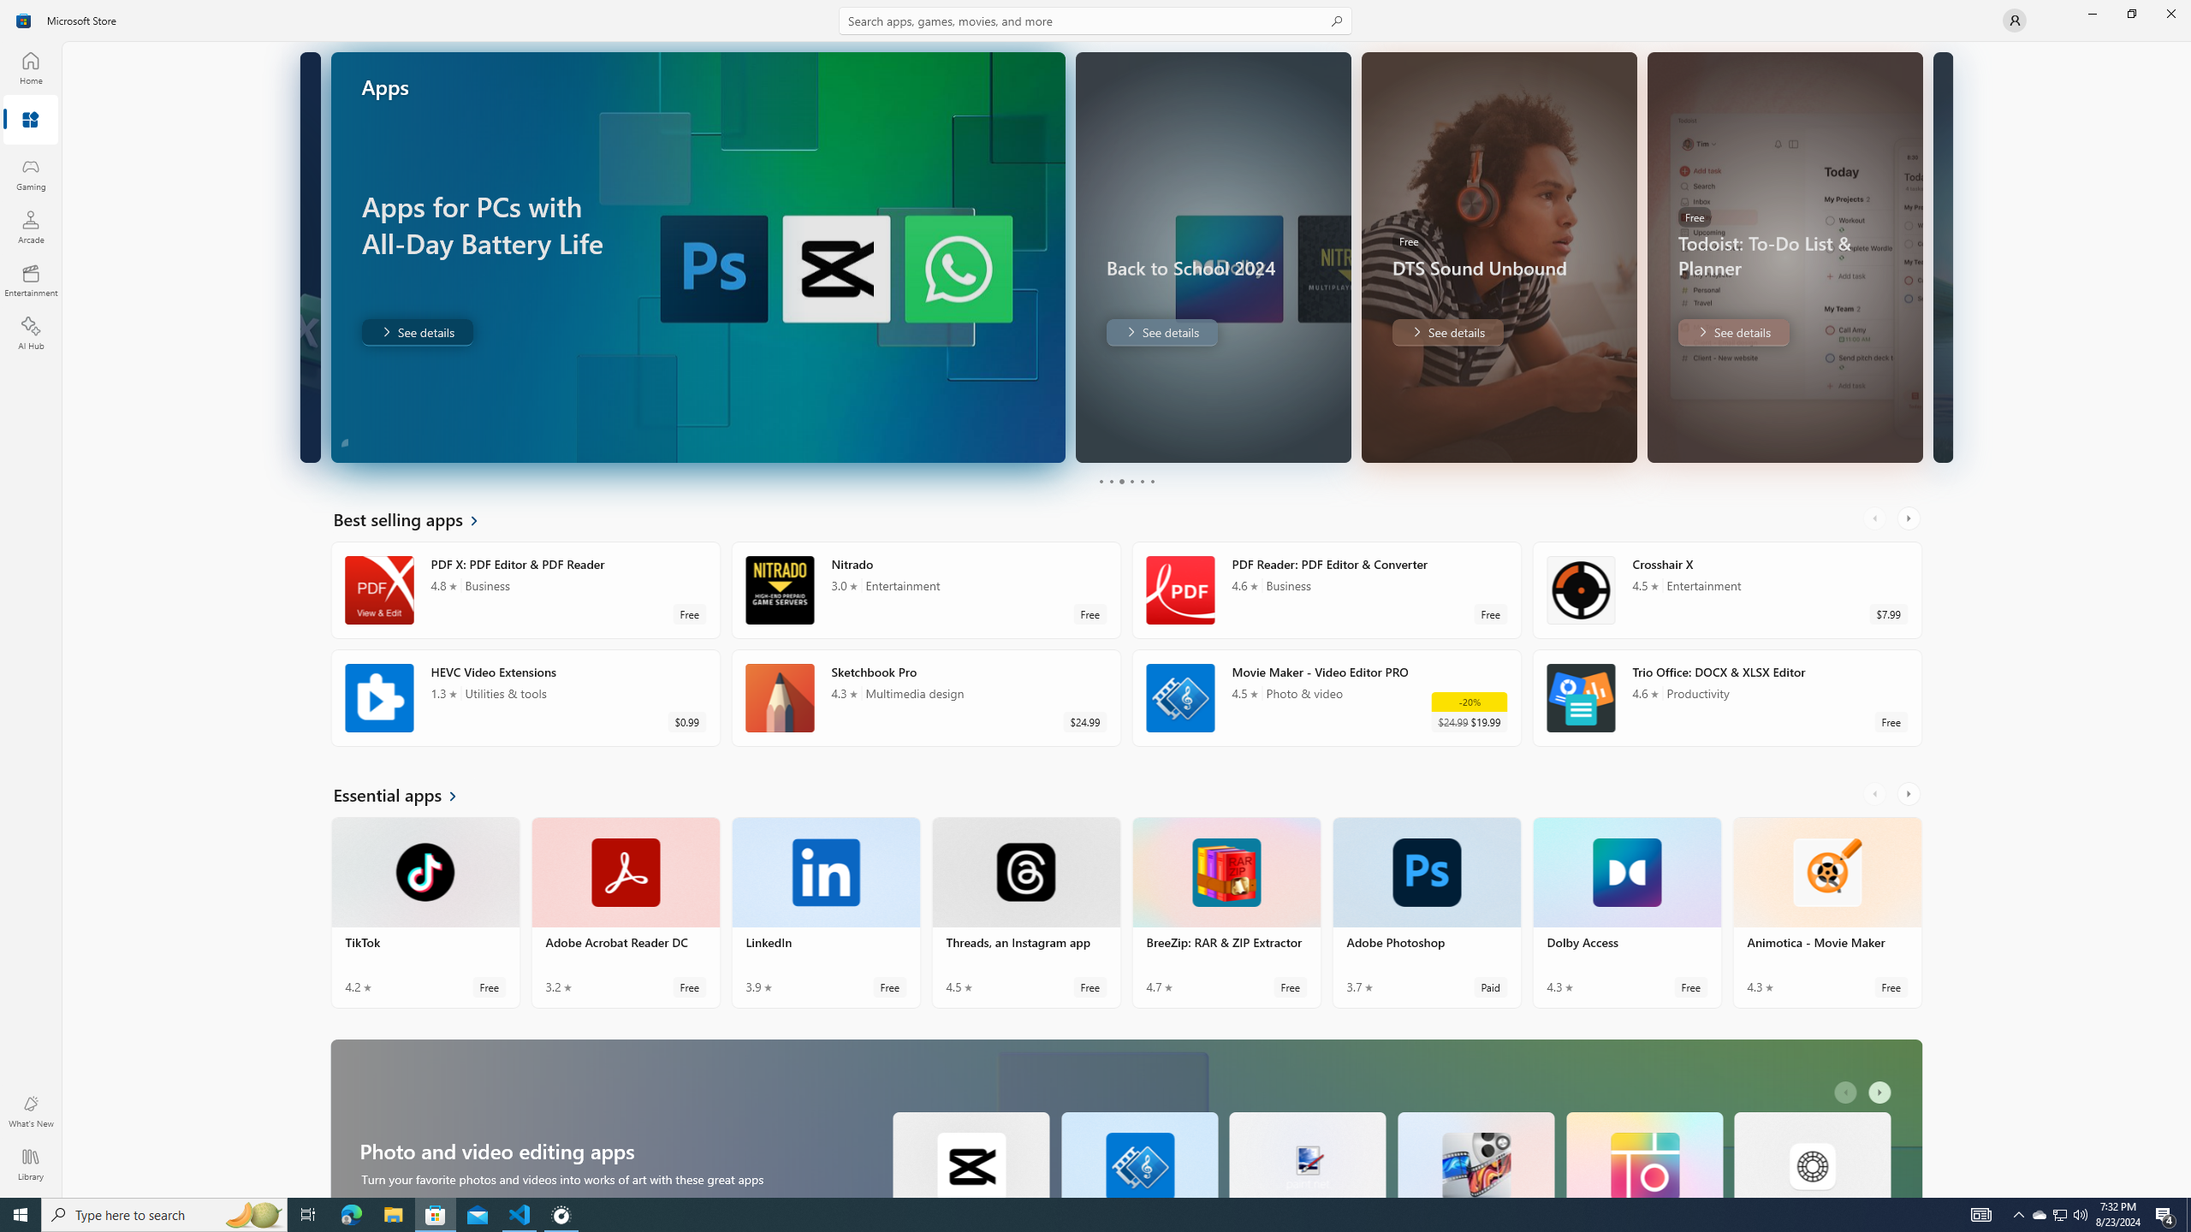  Describe the element at coordinates (1848, 1092) in the screenshot. I see `'AutomationID: LeftScrollButton'` at that location.